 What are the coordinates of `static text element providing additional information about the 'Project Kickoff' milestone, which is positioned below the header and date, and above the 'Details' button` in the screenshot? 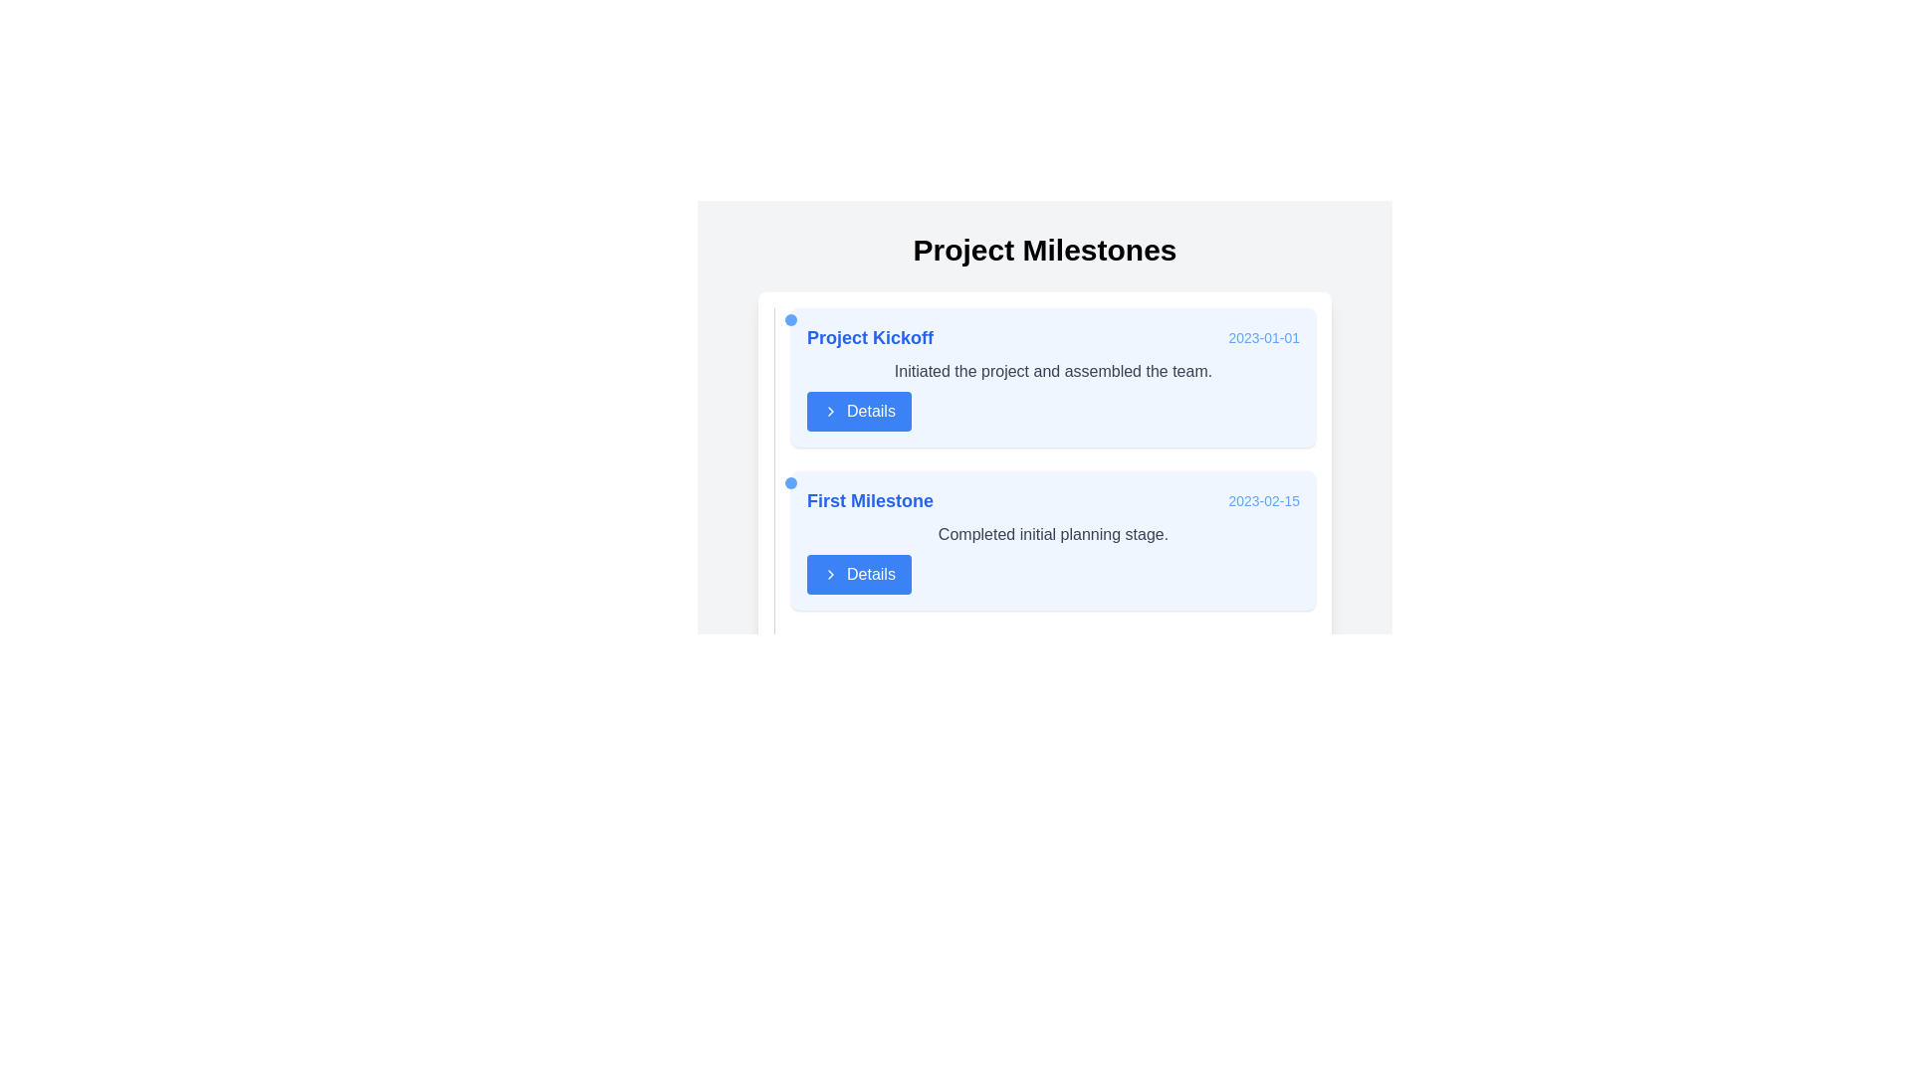 It's located at (1052, 372).